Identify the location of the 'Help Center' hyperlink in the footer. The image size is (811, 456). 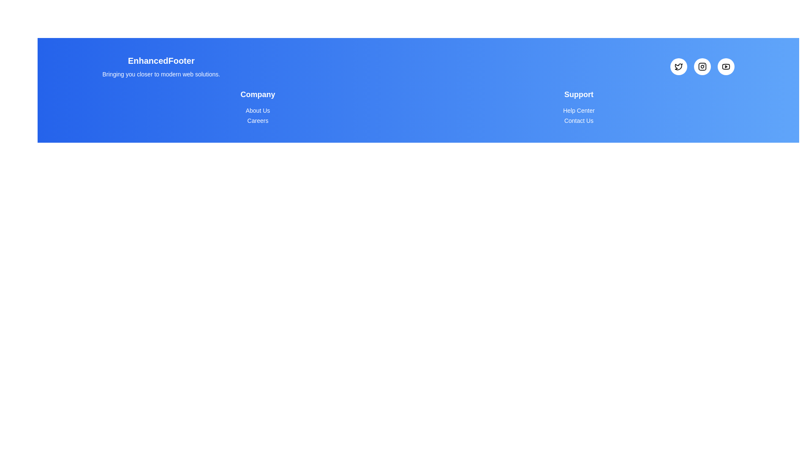
(578, 110).